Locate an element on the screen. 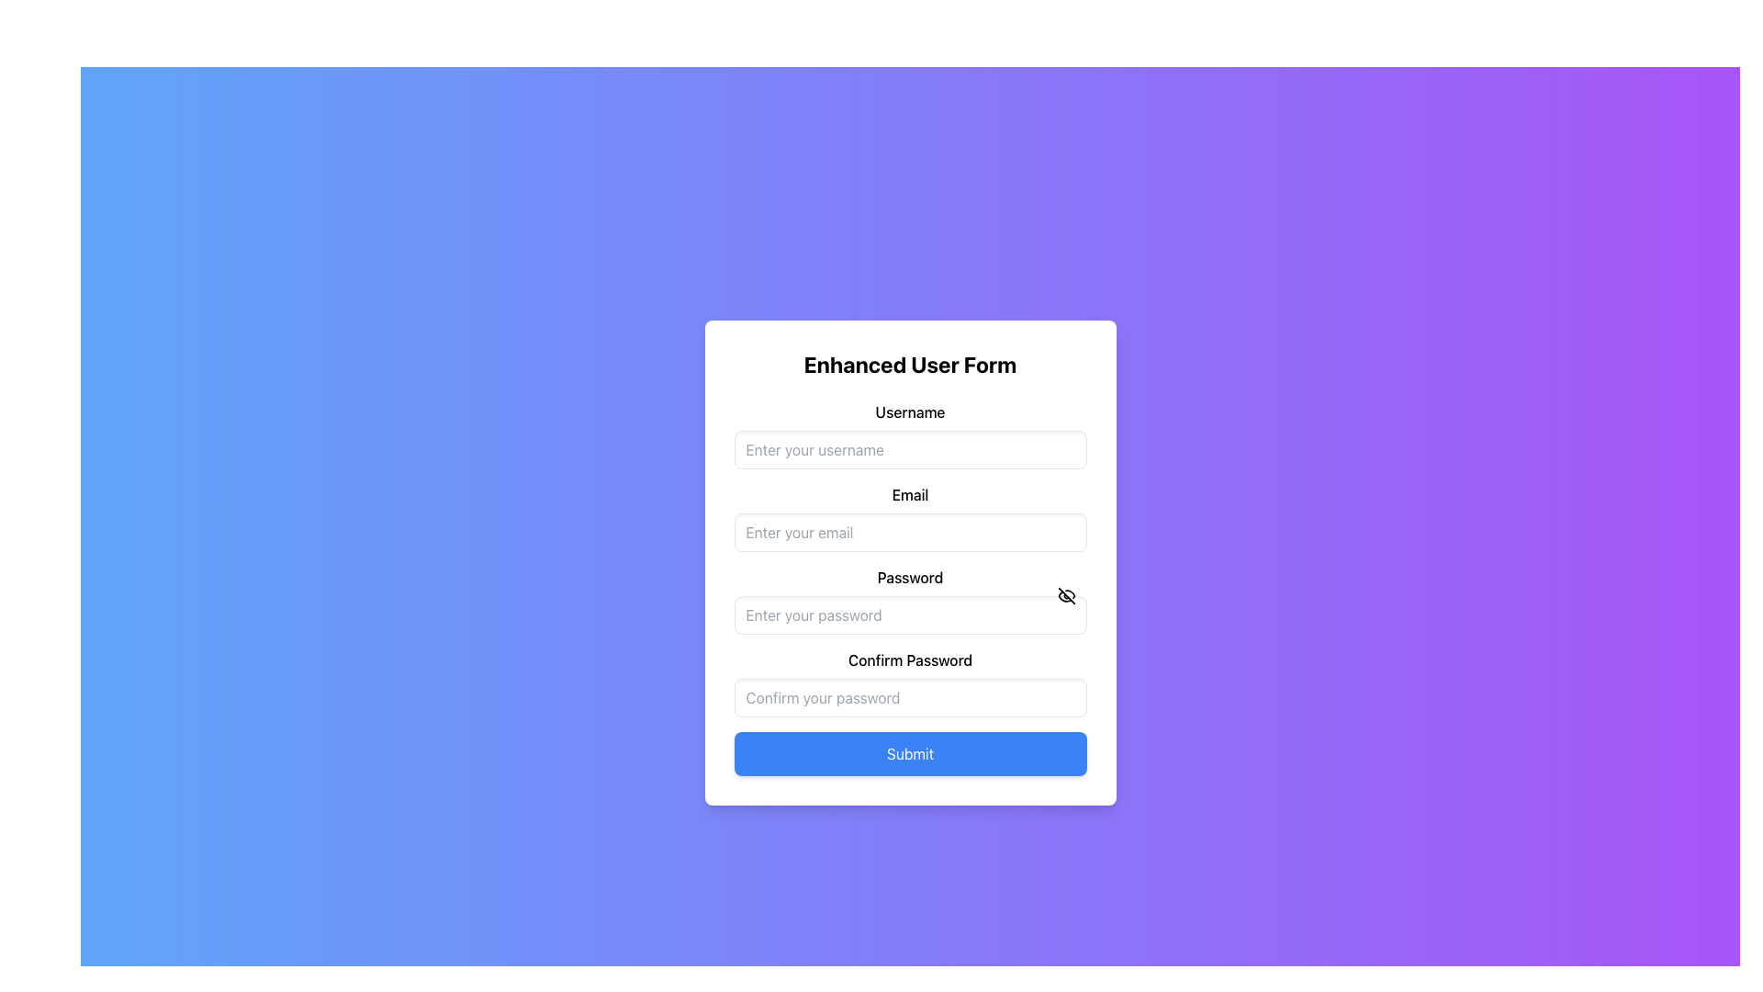 This screenshot has width=1763, height=992. the 'Email' Text Label element, which is styled in a medium-weight font and positioned above the input field for entering an email address in the form is located at coordinates (910, 494).